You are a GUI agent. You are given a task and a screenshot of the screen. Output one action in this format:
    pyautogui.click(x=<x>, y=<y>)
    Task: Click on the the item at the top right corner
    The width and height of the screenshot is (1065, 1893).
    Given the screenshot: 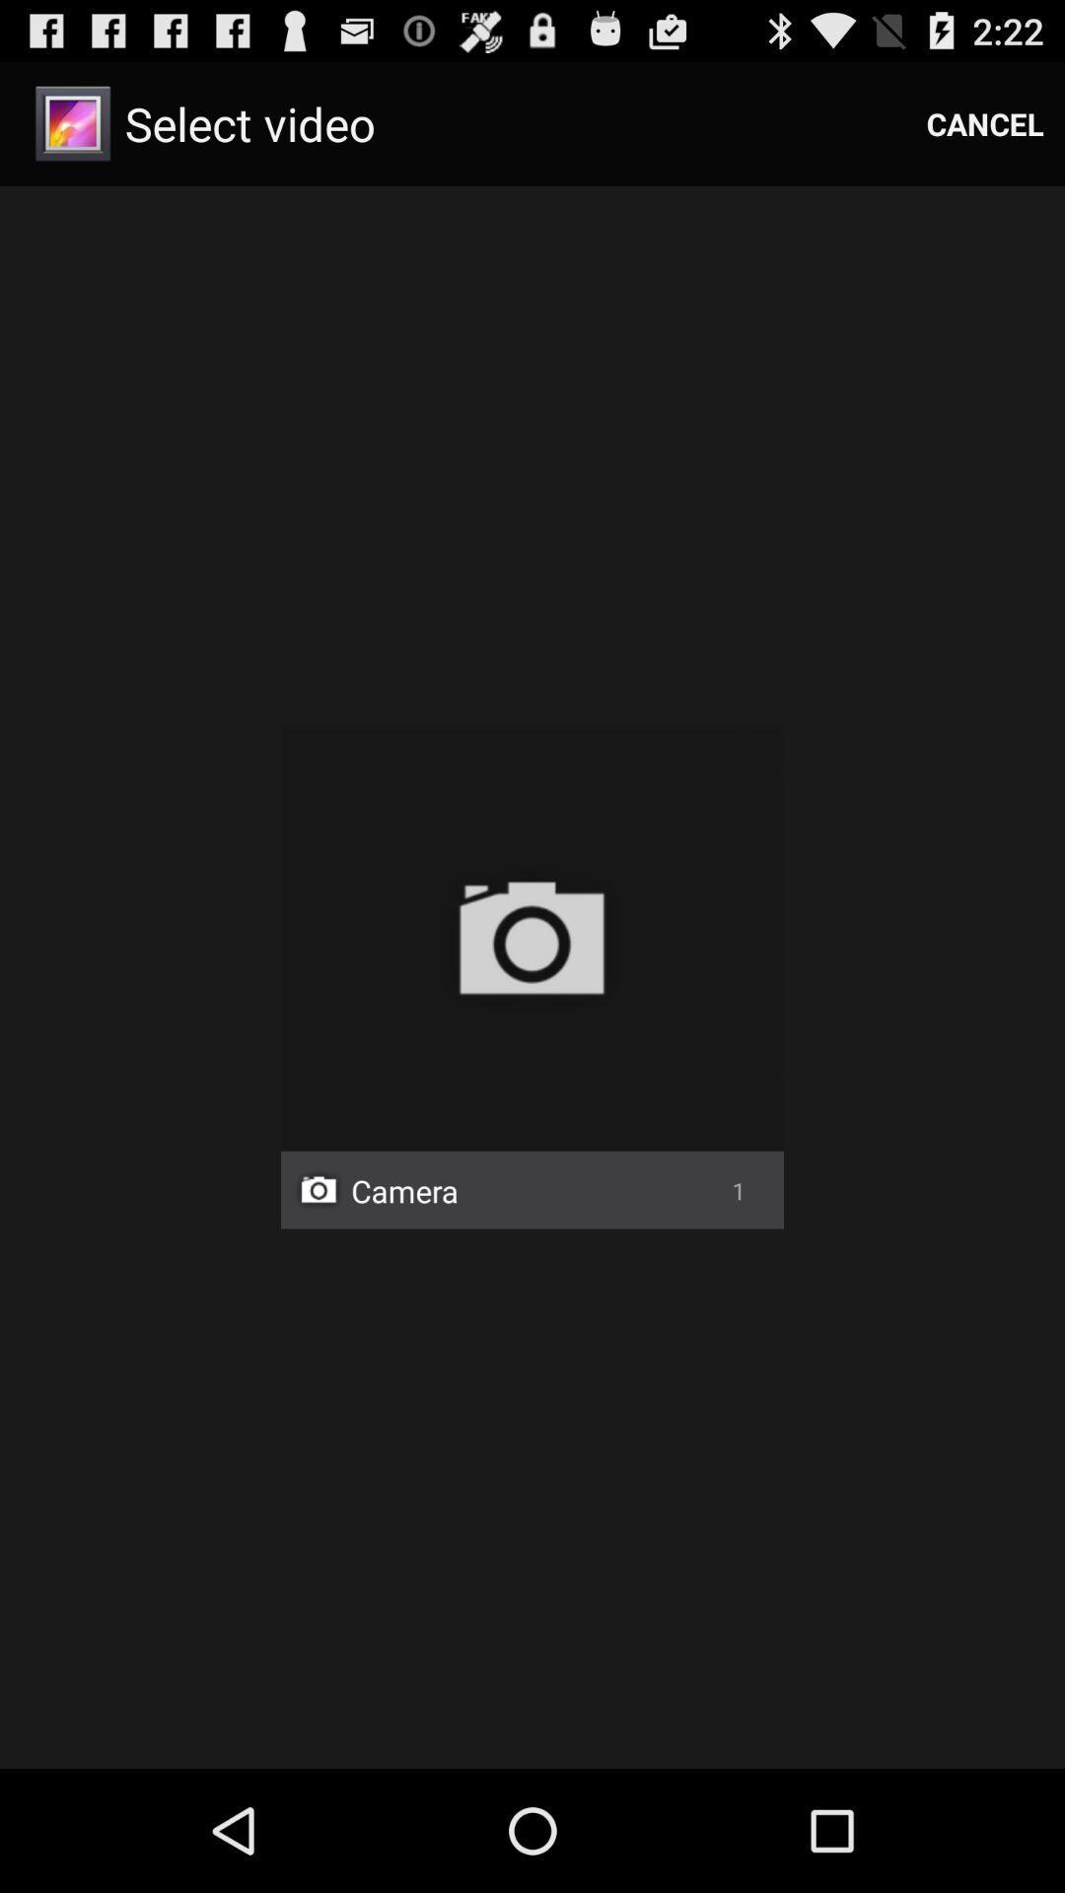 What is the action you would take?
    pyautogui.click(x=985, y=122)
    